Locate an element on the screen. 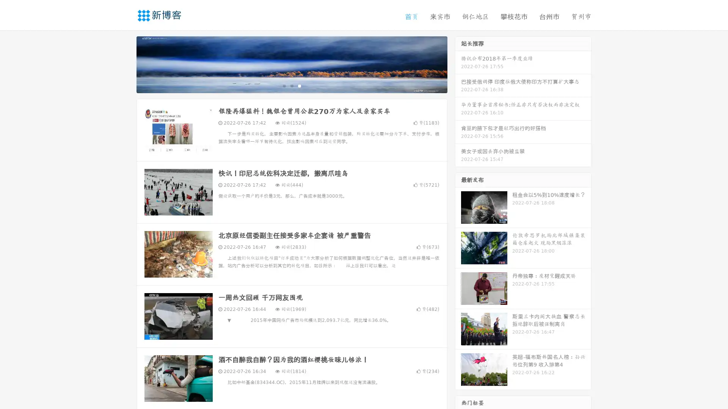 The width and height of the screenshot is (728, 409). Go to slide 2 is located at coordinates (291, 85).